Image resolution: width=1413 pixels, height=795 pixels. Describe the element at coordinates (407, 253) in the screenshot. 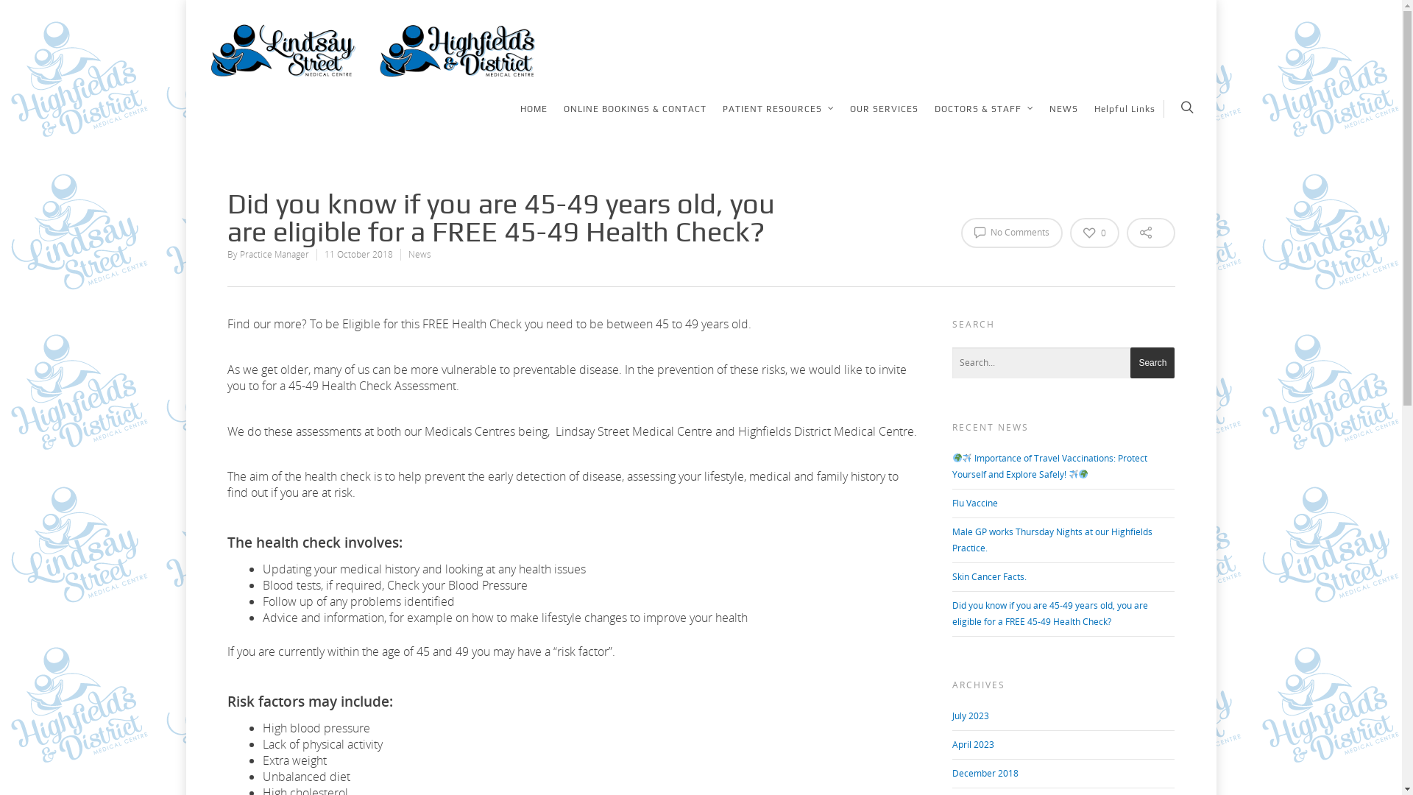

I see `'News'` at that location.